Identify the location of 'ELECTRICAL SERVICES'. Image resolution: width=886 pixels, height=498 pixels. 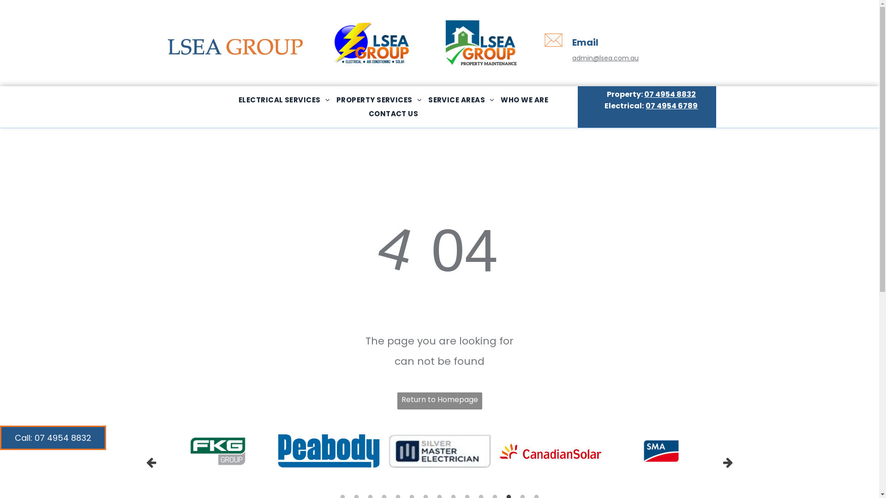
(283, 100).